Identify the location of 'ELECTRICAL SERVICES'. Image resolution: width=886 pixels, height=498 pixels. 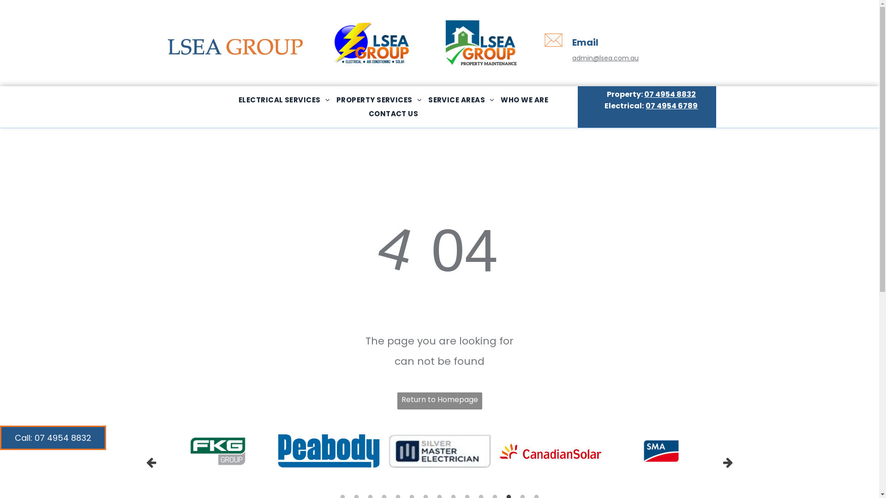
(283, 100).